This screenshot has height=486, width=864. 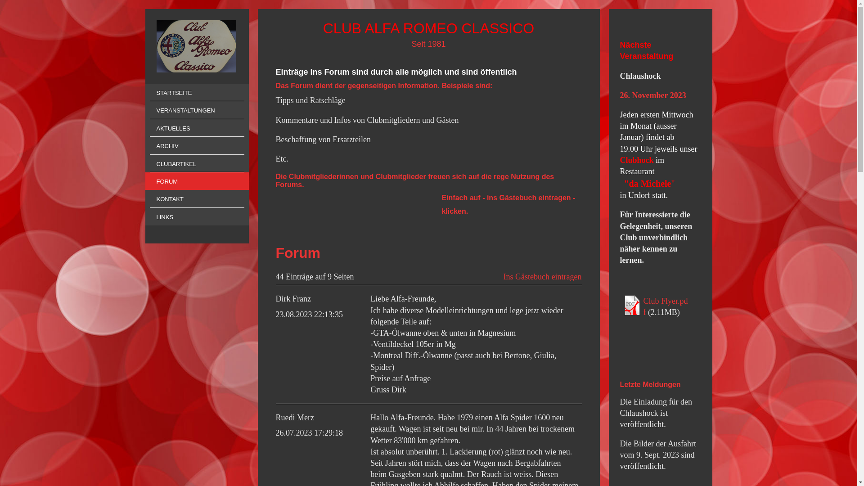 What do you see at coordinates (196, 198) in the screenshot?
I see `'KONTAKT'` at bounding box center [196, 198].